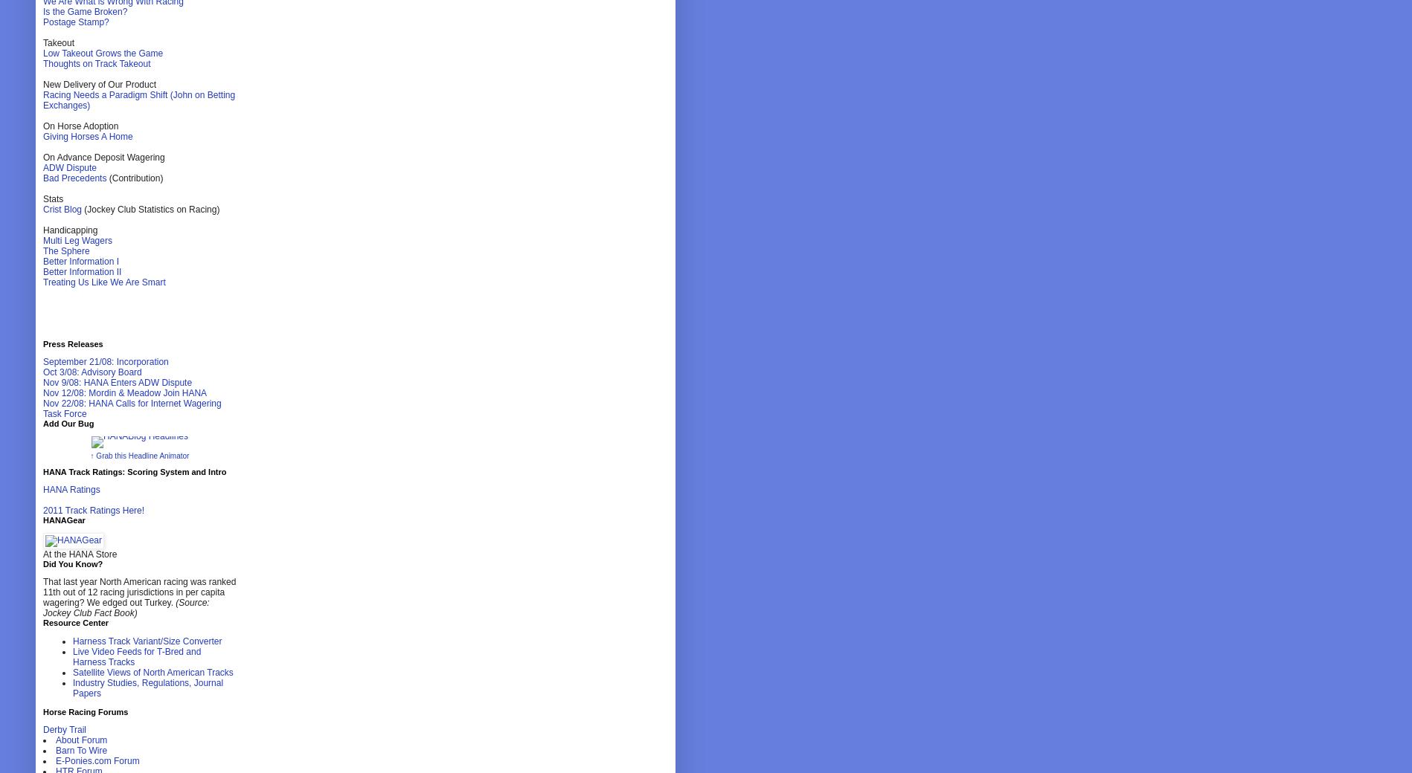  What do you see at coordinates (86, 712) in the screenshot?
I see `'Horse Racing Forums'` at bounding box center [86, 712].